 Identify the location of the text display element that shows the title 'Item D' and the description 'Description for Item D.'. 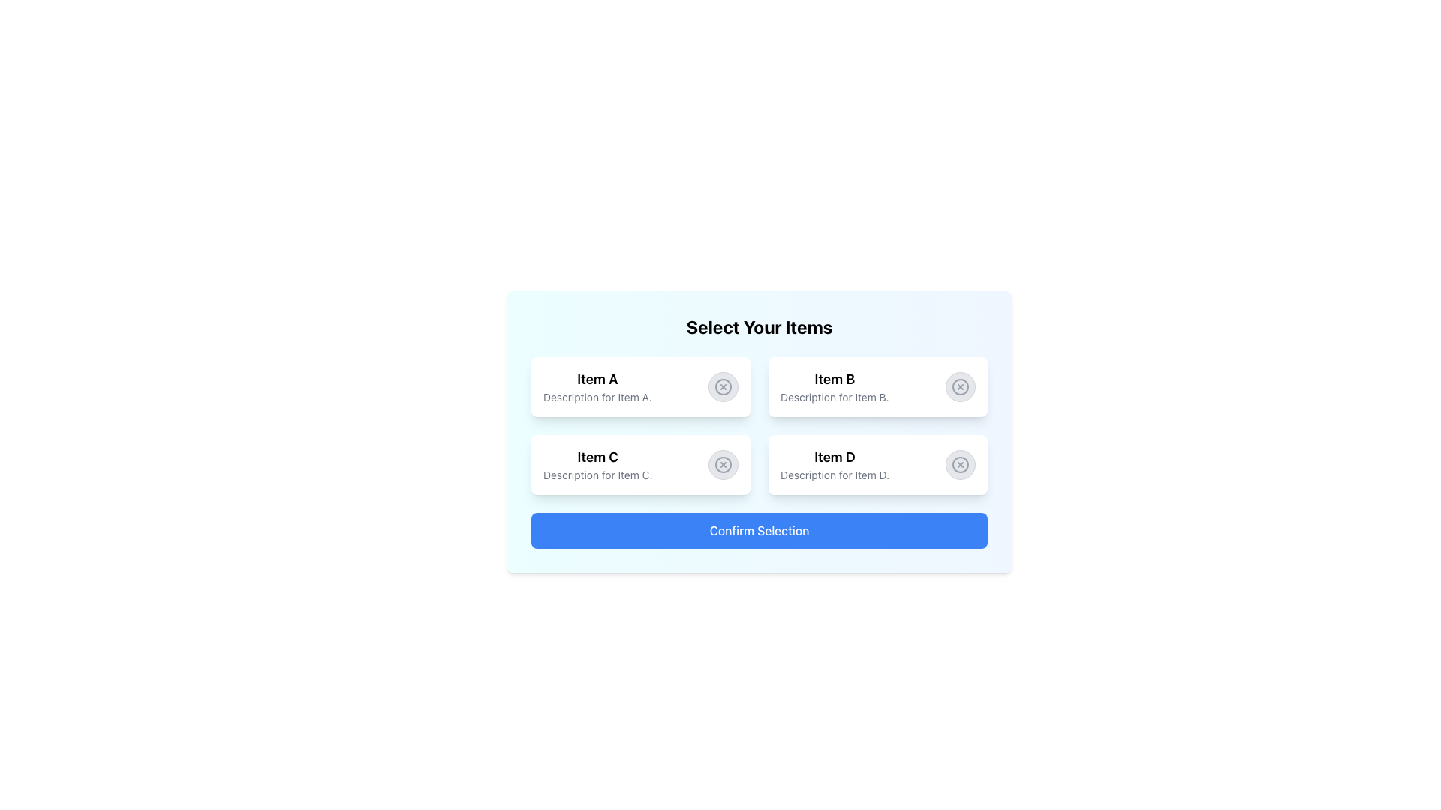
(834, 464).